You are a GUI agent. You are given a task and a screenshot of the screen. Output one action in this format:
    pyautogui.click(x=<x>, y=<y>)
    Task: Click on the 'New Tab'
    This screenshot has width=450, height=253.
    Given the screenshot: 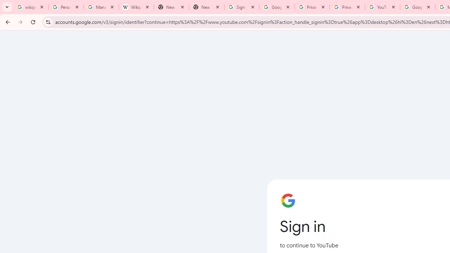 What is the action you would take?
    pyautogui.click(x=206, y=7)
    